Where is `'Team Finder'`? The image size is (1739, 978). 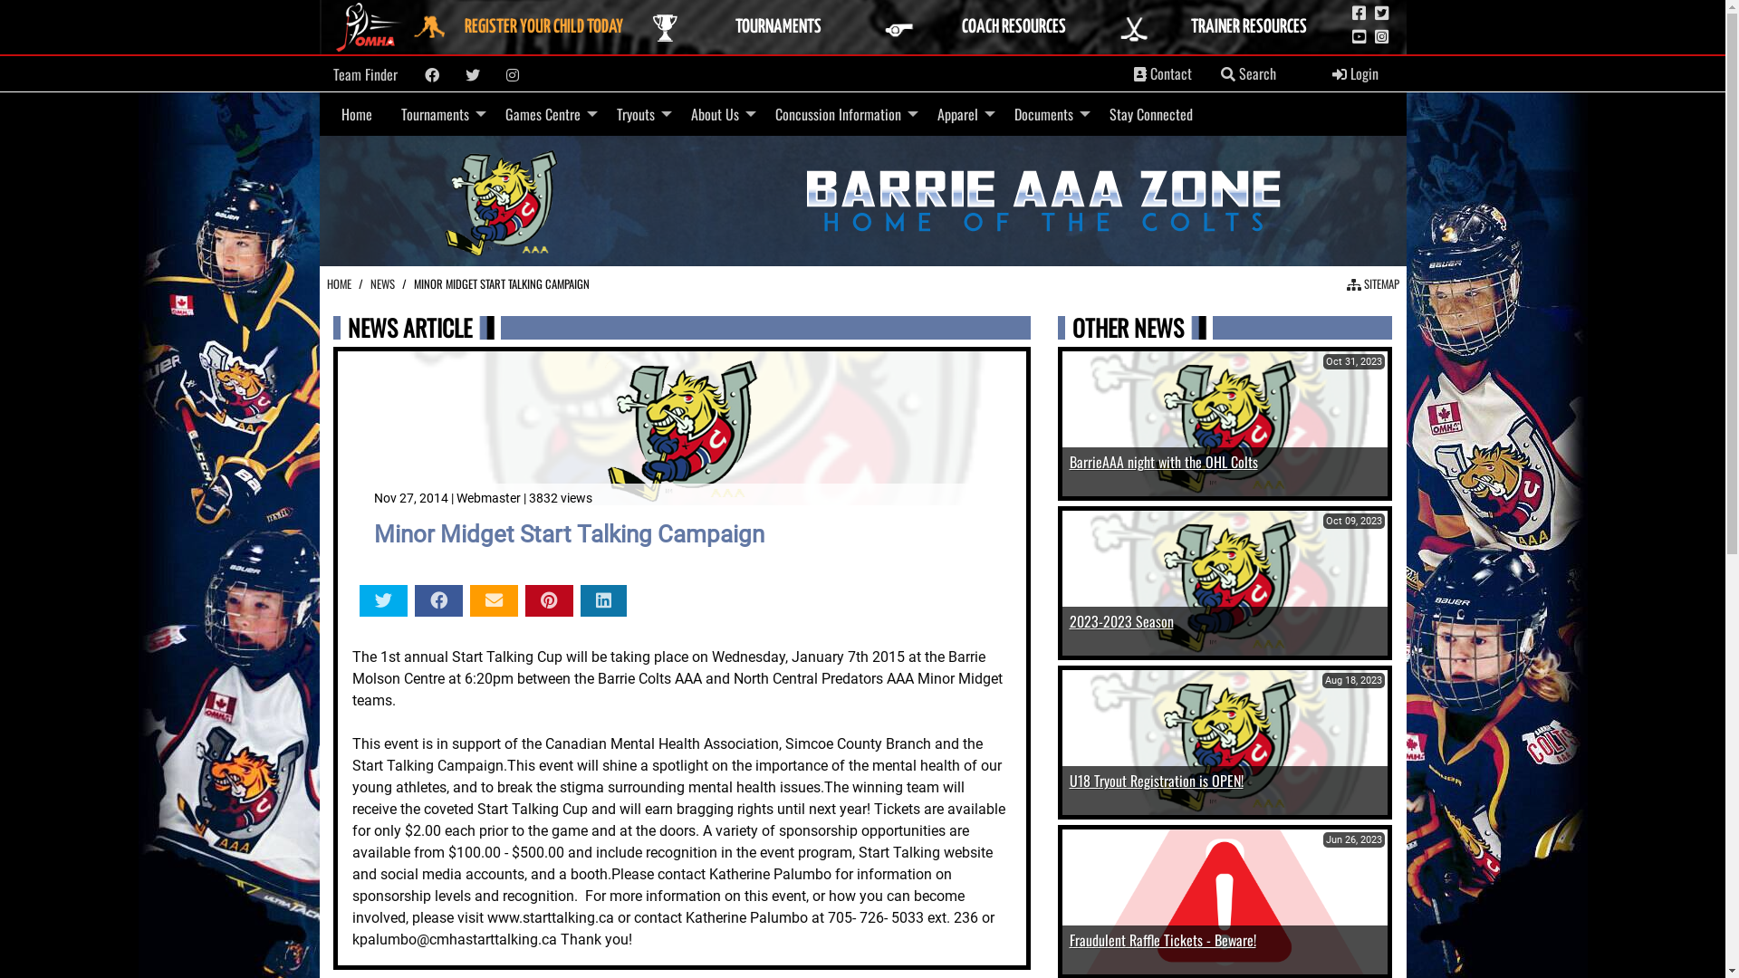 'Team Finder' is located at coordinates (364, 72).